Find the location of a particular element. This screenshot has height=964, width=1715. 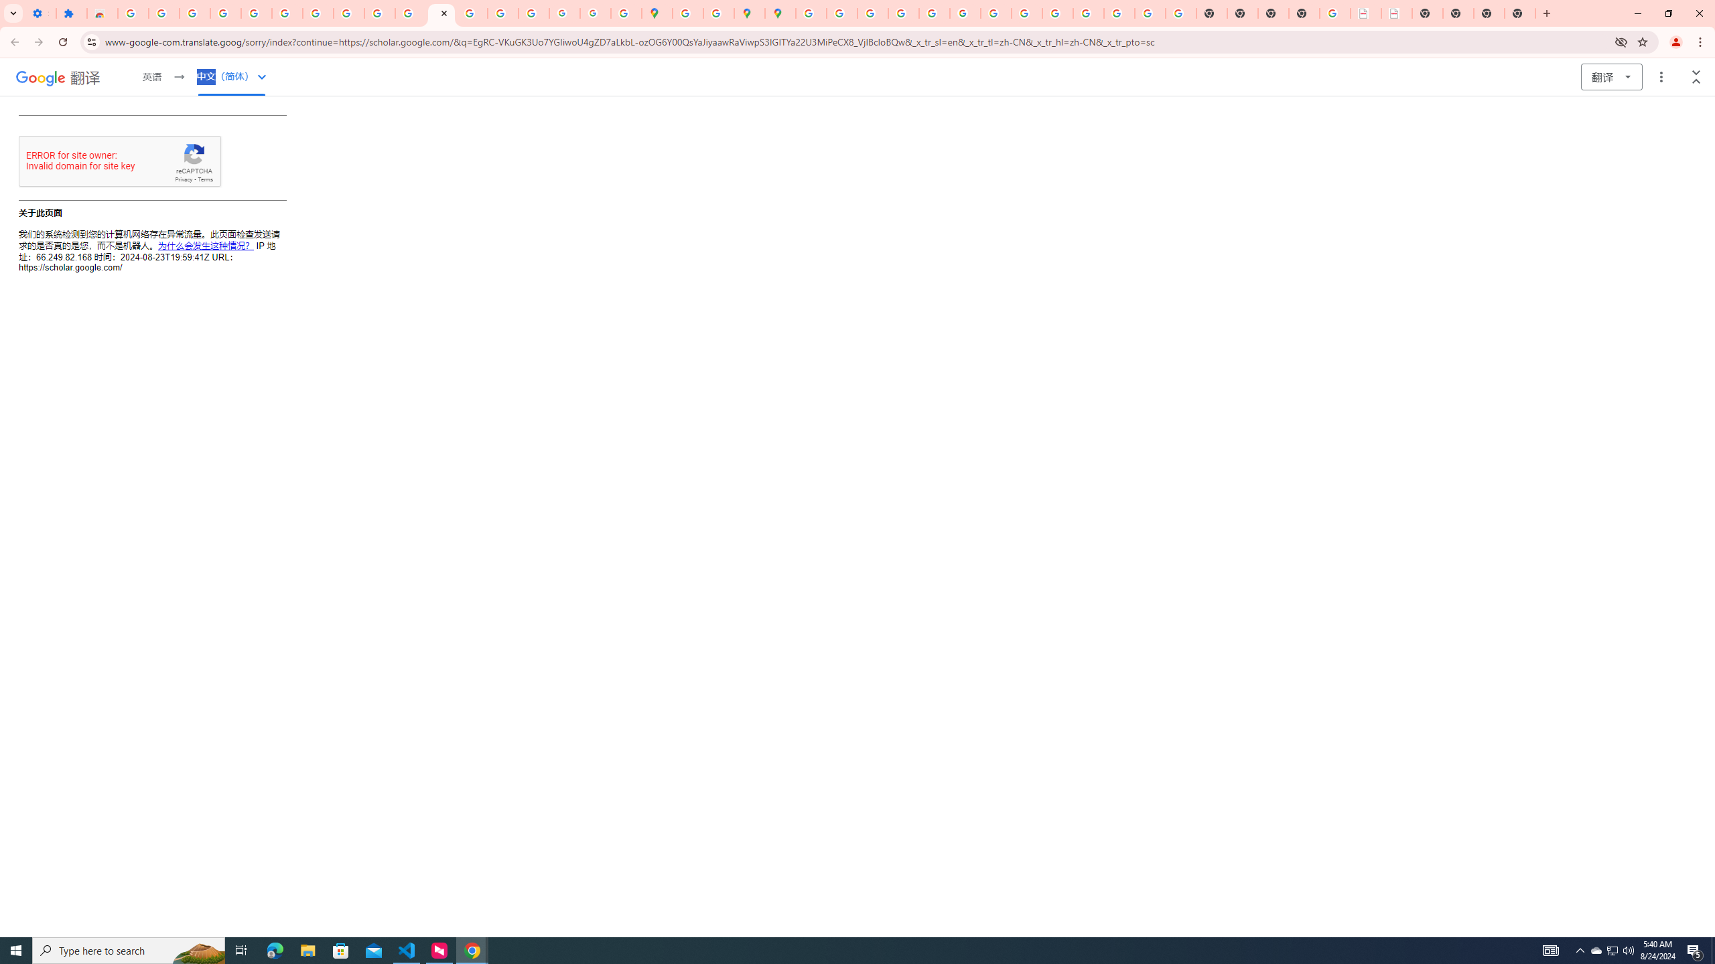

'Safety in Our Products - Google Safety Center' is located at coordinates (718, 13).